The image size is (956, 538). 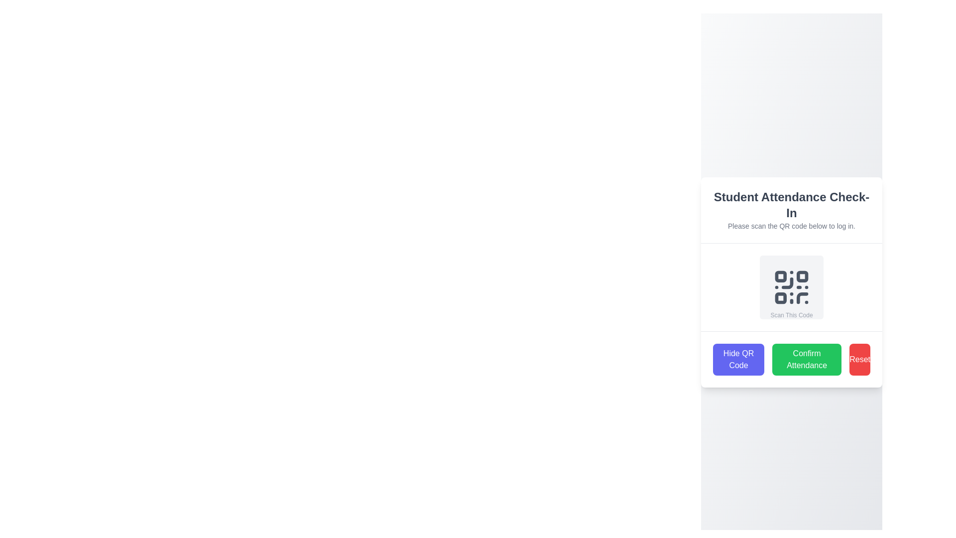 What do you see at coordinates (791, 209) in the screenshot?
I see `the informational text block that conveys information about the student attendance check-in feature` at bounding box center [791, 209].